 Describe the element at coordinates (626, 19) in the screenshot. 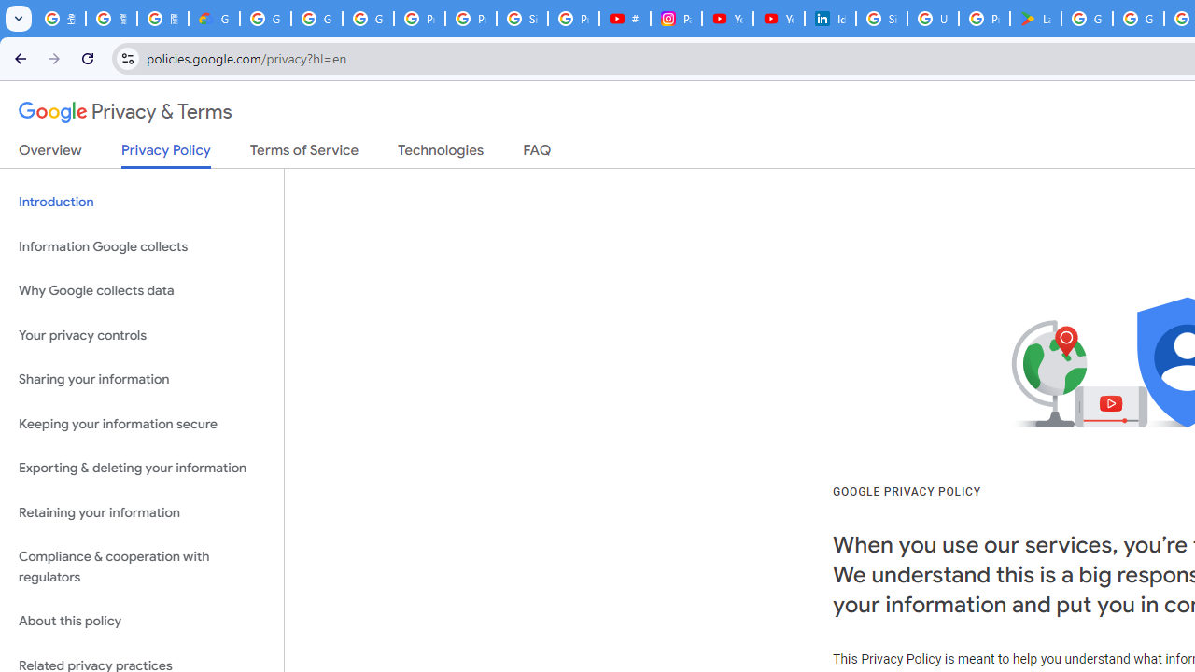

I see `'#nbabasketballhighlights - YouTube'` at that location.